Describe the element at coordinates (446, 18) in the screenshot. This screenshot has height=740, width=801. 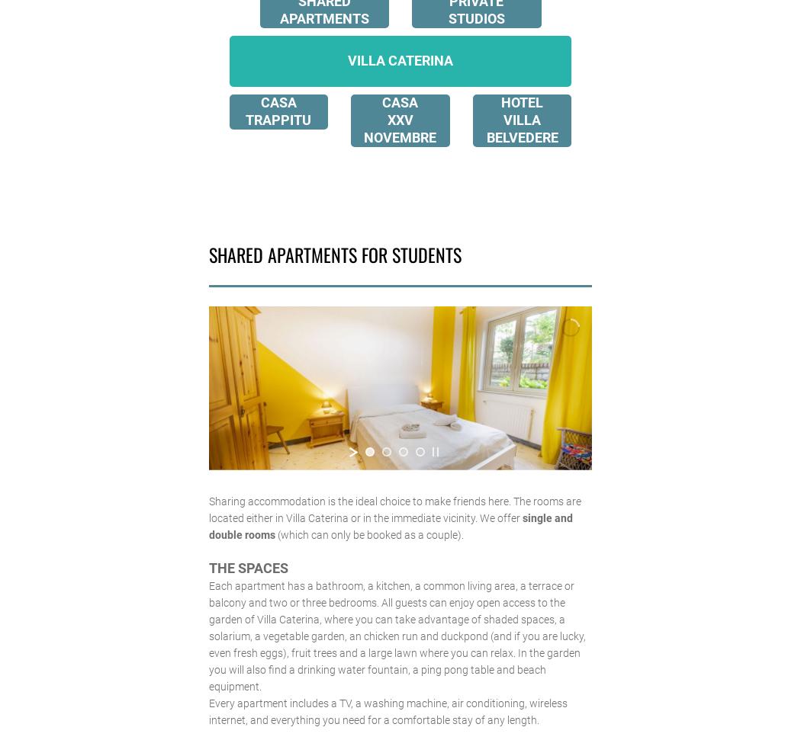
I see `'STUDIOS'` at that location.